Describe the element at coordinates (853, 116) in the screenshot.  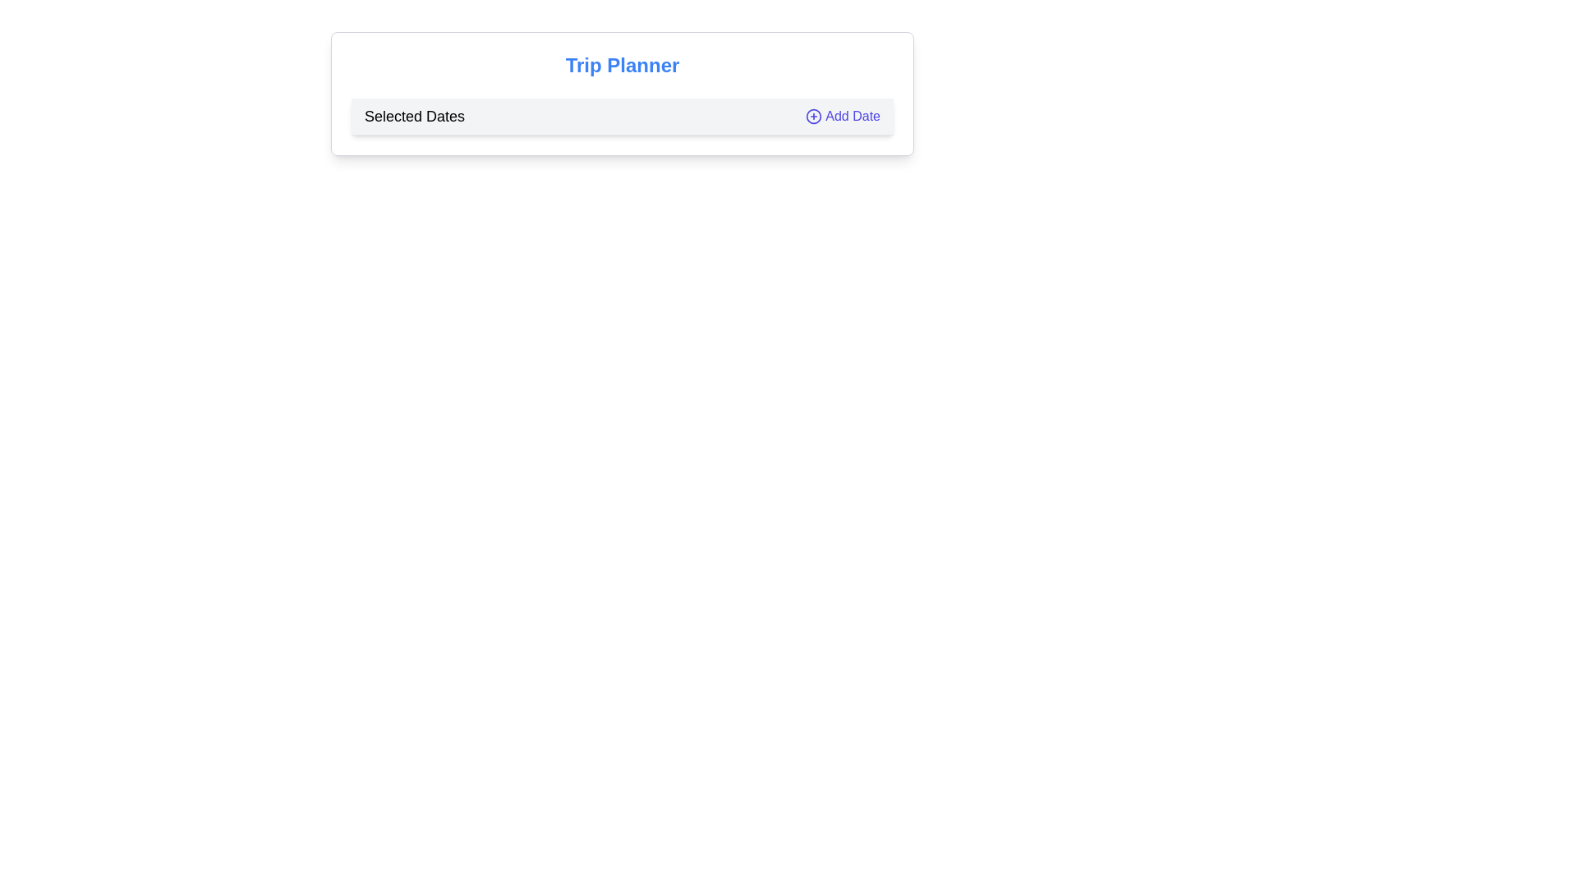
I see `the 'Add Date' text label, which is styled in indigo` at that location.